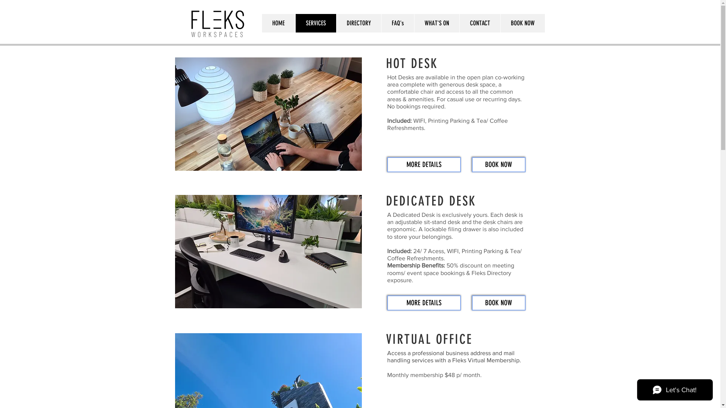 This screenshot has height=408, width=726. I want to click on 'SERVICES', so click(294, 23).